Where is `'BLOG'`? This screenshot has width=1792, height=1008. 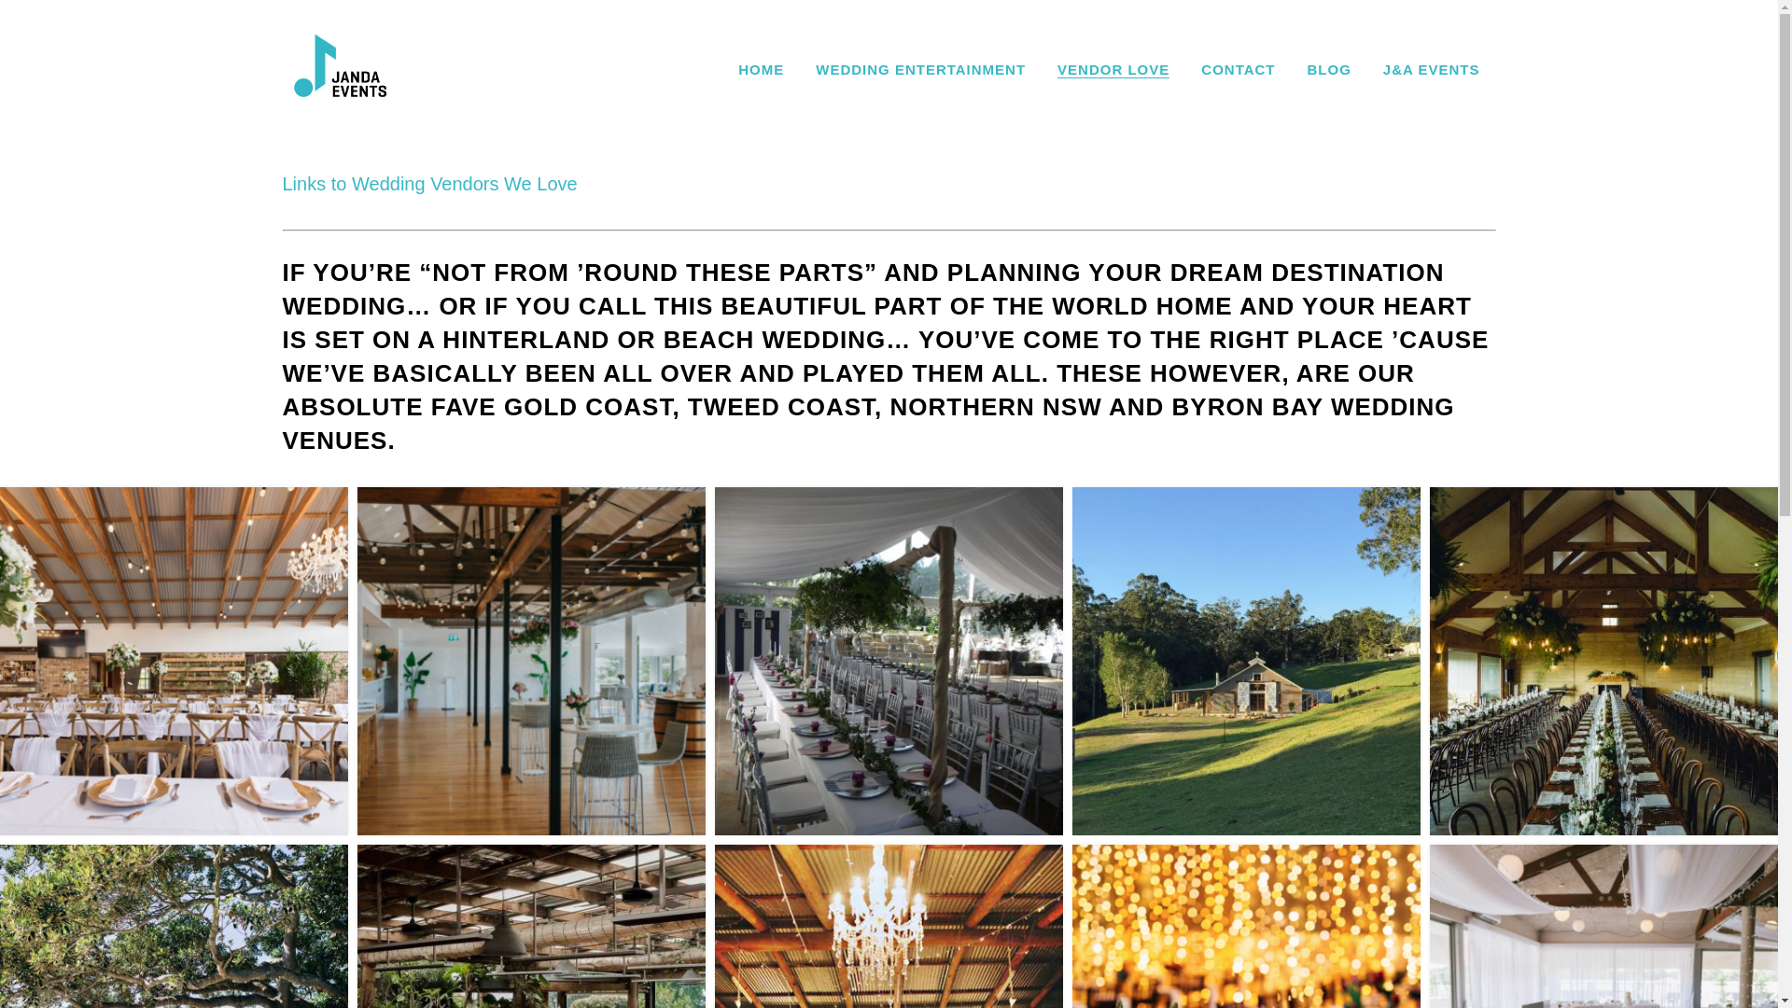 'BLOG' is located at coordinates (1328, 68).